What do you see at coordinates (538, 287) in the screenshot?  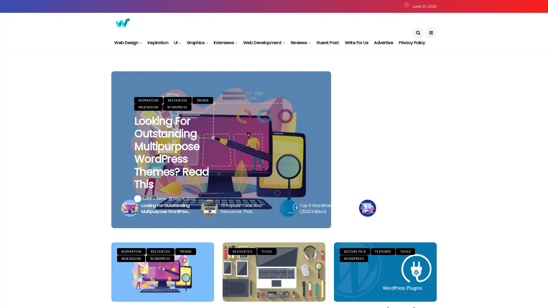 I see `Close Ad` at bounding box center [538, 287].